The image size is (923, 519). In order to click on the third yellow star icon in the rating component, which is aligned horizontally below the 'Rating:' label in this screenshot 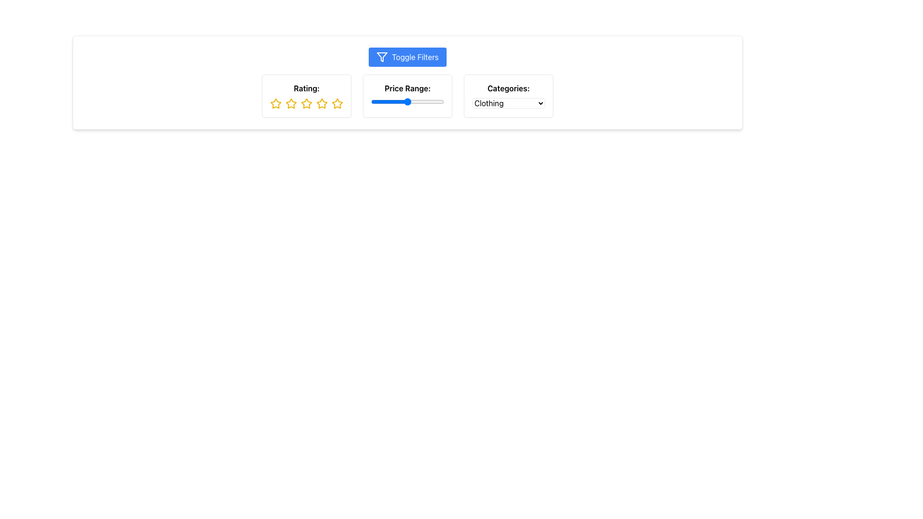, I will do `click(306, 104)`.